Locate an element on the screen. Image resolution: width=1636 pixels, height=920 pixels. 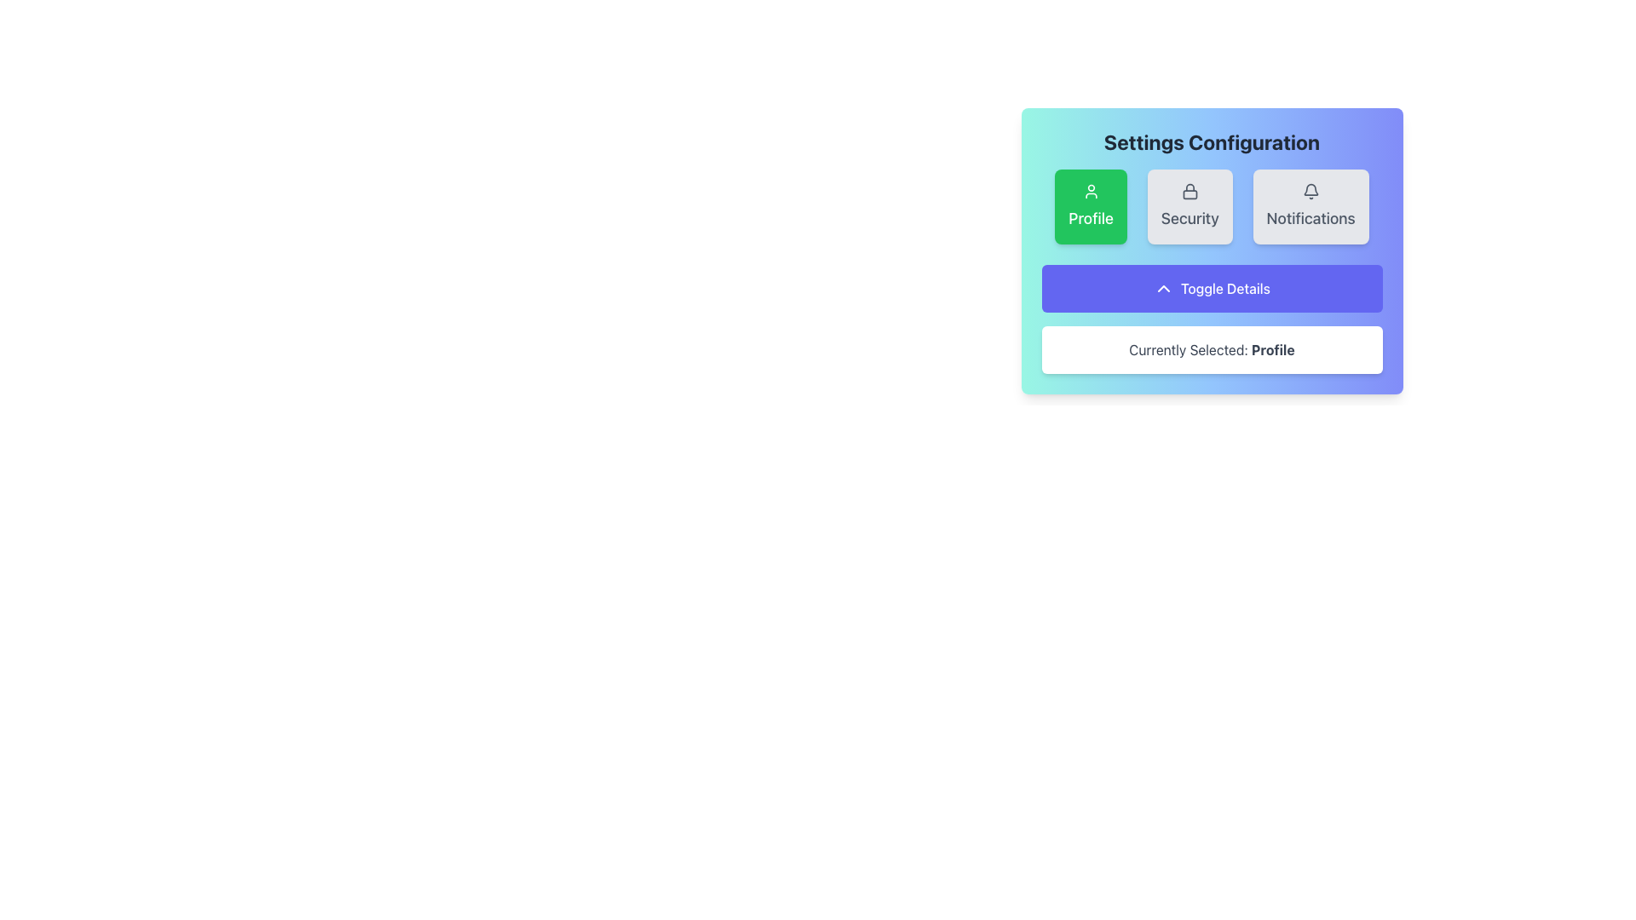
the rightmost button labeled 'Notifications' is located at coordinates (1309, 206).